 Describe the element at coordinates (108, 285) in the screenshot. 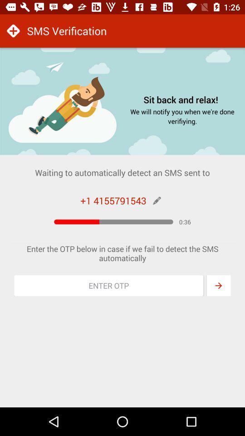

I see `otp section` at that location.